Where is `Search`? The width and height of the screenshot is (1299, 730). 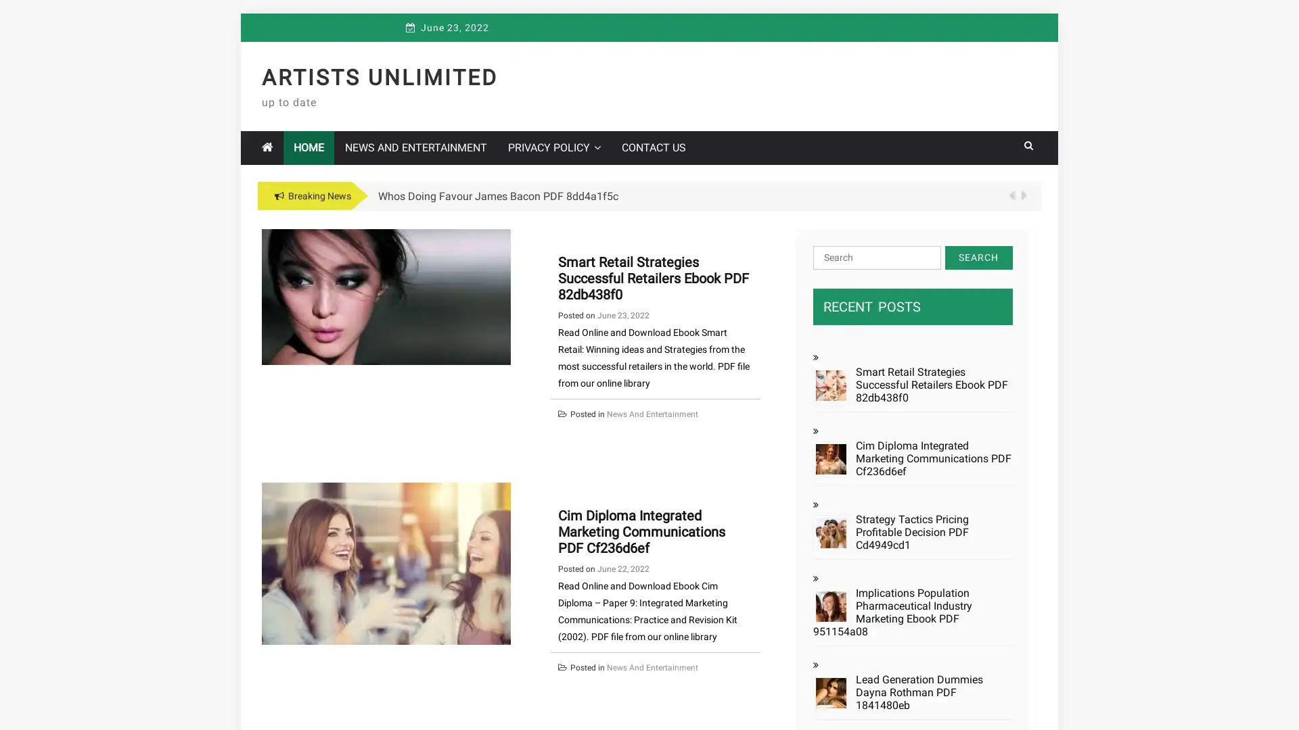
Search is located at coordinates (978, 257).